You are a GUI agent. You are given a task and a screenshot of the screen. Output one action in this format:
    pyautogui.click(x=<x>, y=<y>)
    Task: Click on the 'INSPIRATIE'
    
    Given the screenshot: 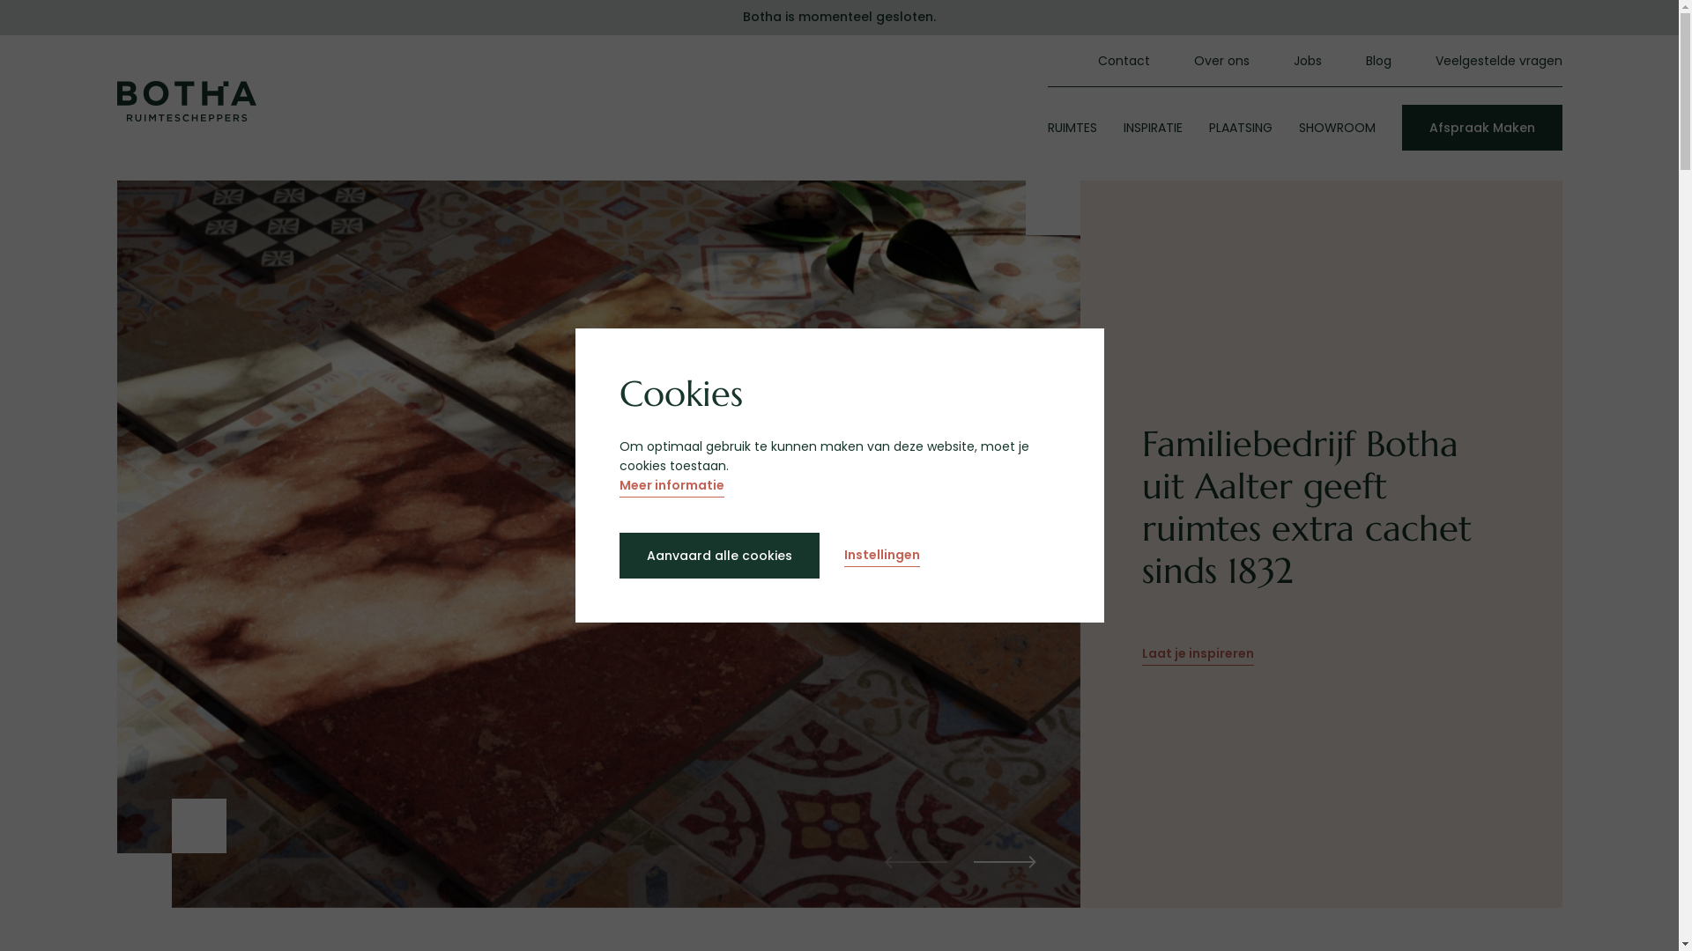 What is the action you would take?
    pyautogui.click(x=1121, y=127)
    